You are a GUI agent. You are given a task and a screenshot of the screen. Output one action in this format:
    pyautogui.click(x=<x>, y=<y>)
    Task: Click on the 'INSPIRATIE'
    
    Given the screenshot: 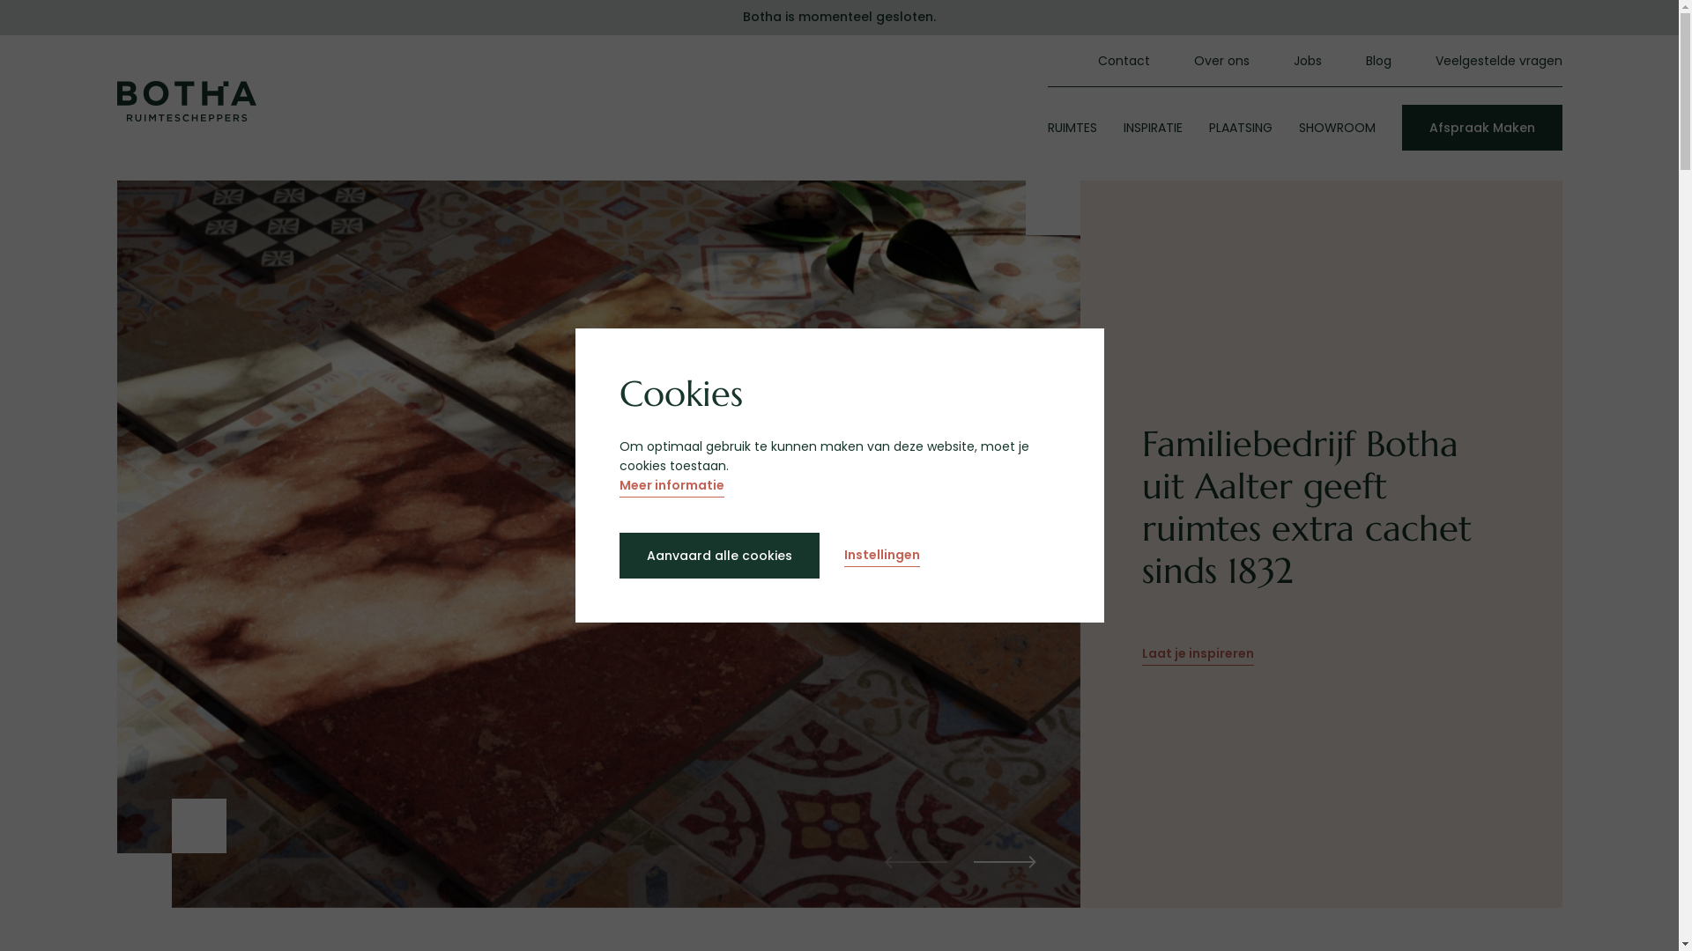 What is the action you would take?
    pyautogui.click(x=1121, y=127)
    